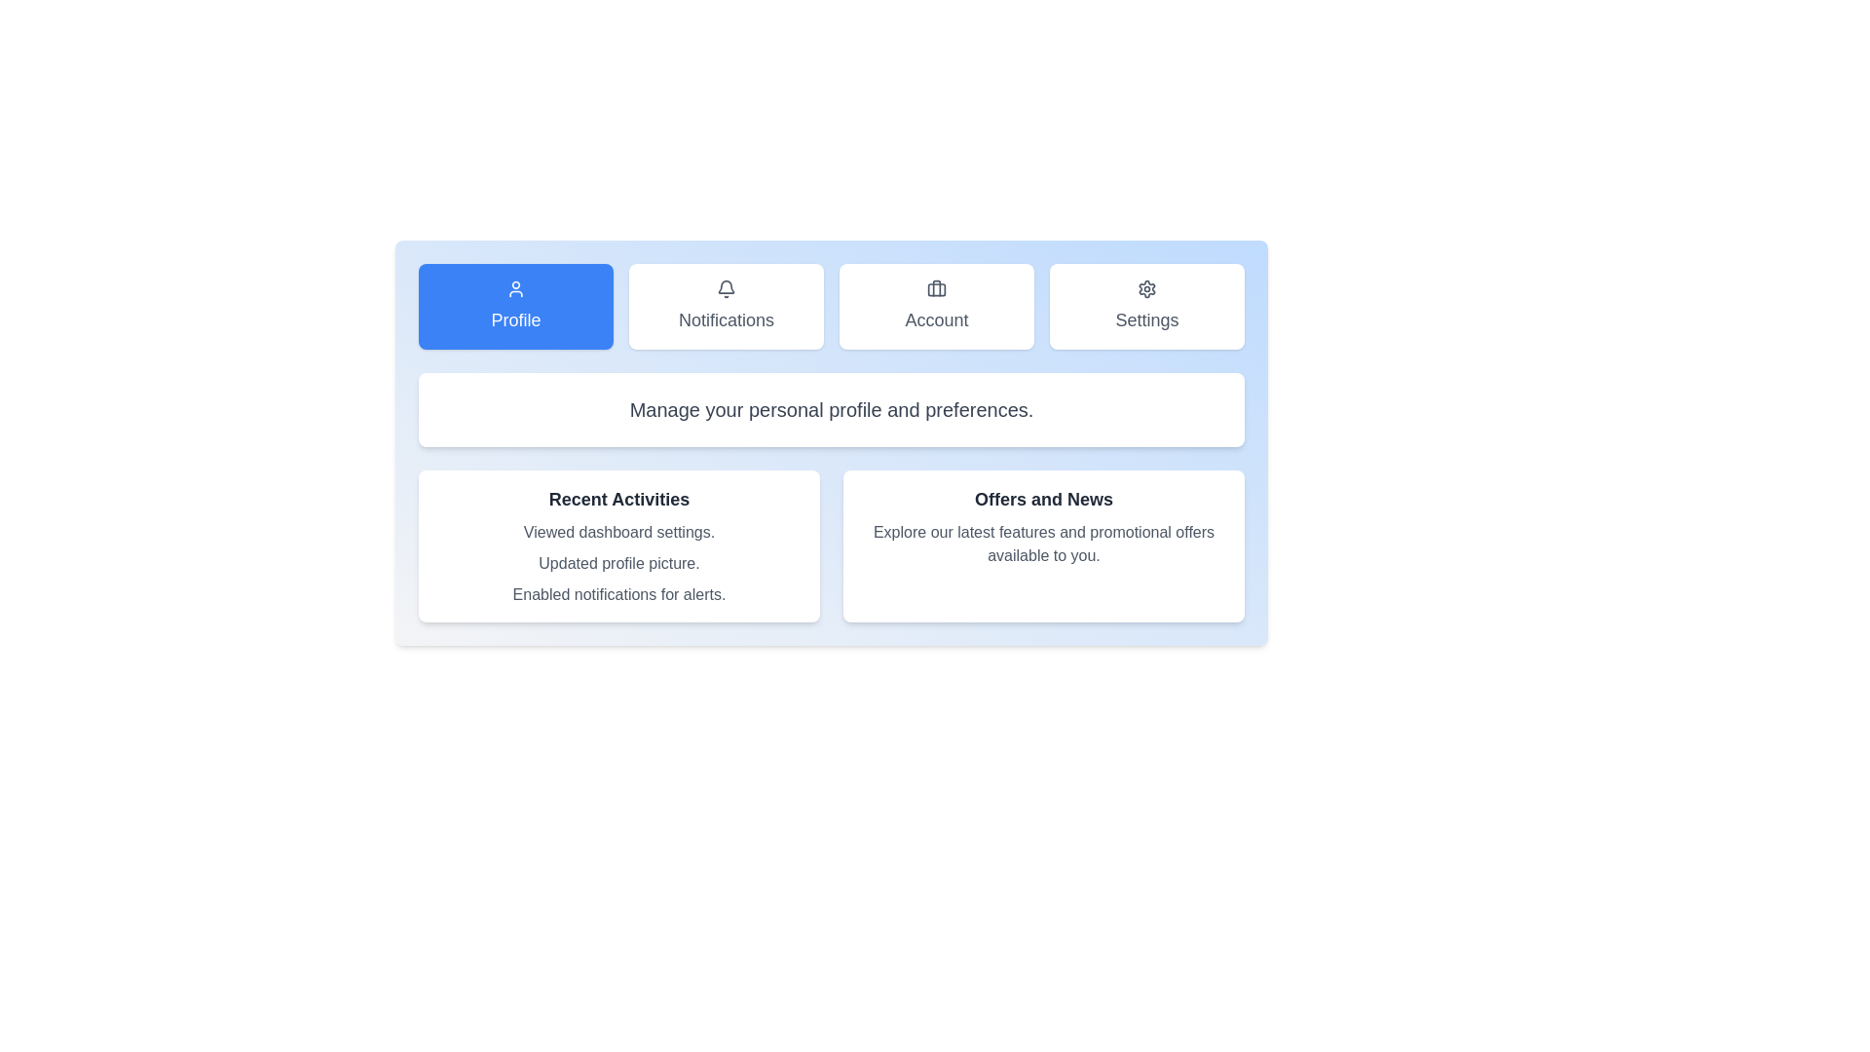  I want to click on the Informative card titled 'Offers and News', which is a light gray box with rounded corners, containing a bold title and a gray description, located in the second row of a two-column grid layout, so click(1042, 545).